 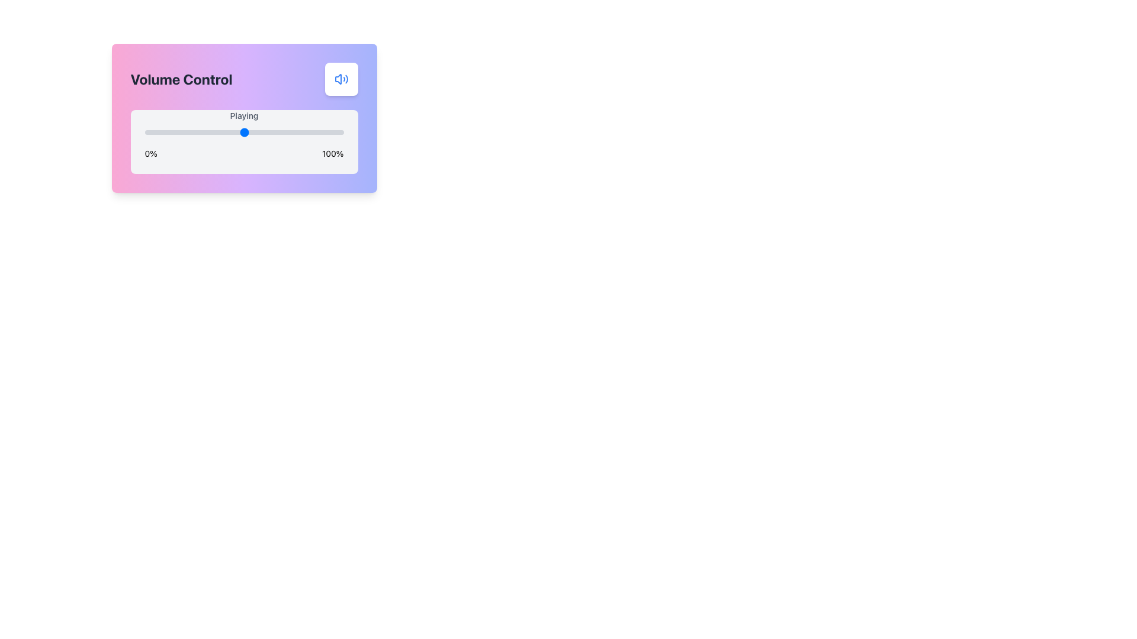 What do you see at coordinates (296, 132) in the screenshot?
I see `the slider` at bounding box center [296, 132].